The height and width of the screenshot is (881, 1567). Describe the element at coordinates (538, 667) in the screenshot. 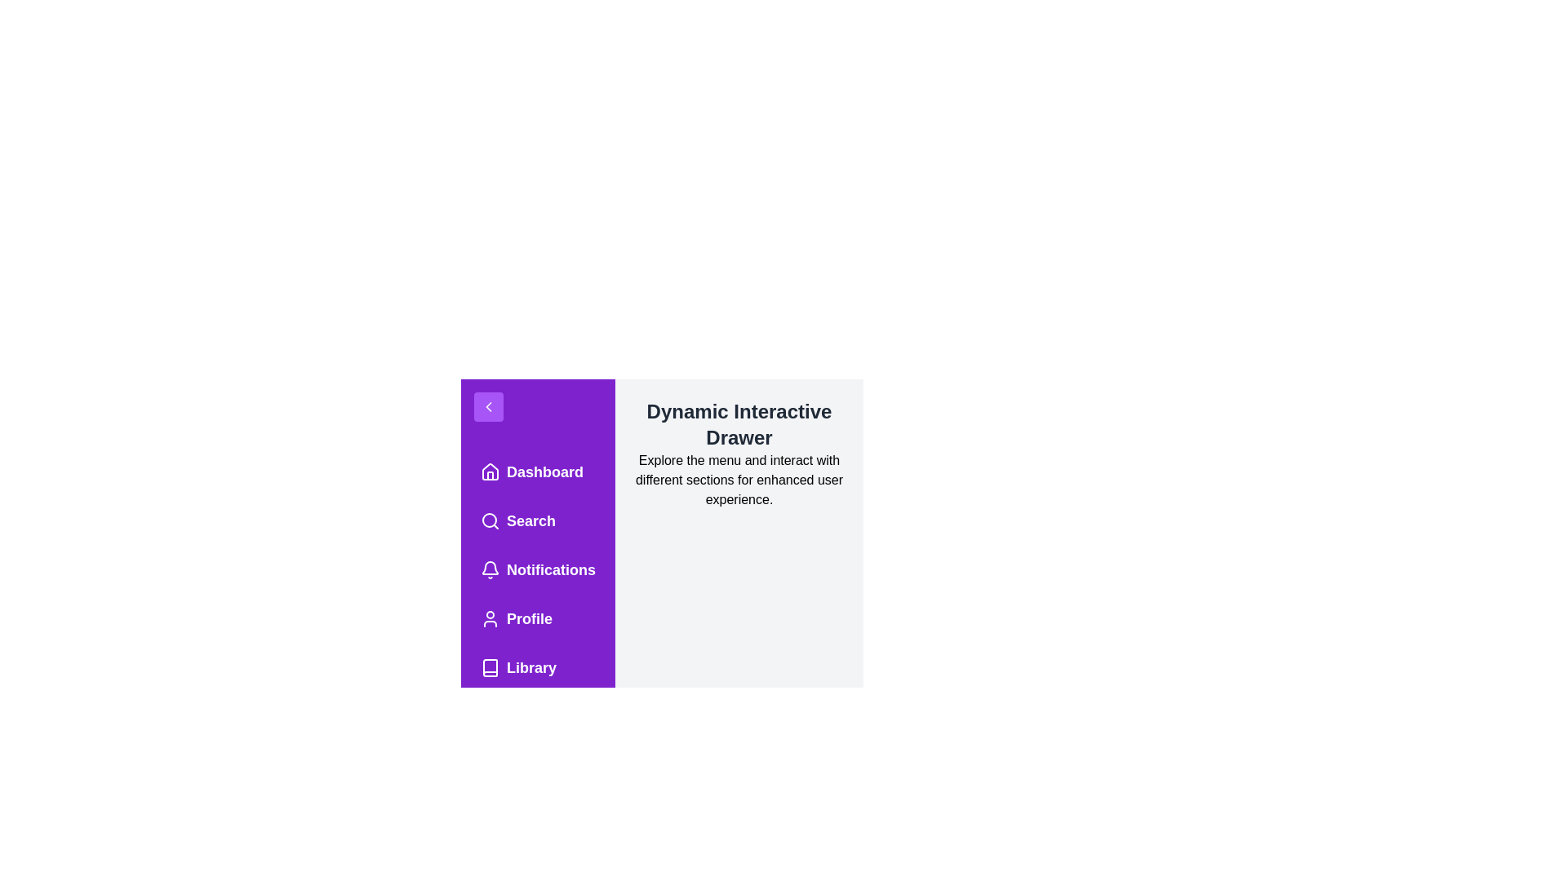

I see `the menu item labeled Library` at that location.